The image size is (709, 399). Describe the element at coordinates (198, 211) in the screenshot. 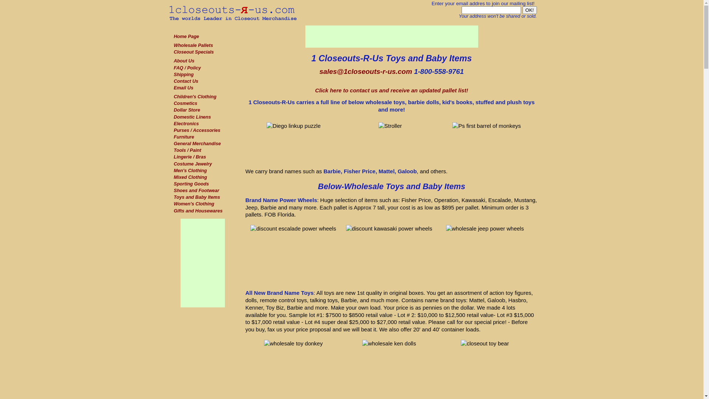

I see `'Gifts and Housewares'` at that location.